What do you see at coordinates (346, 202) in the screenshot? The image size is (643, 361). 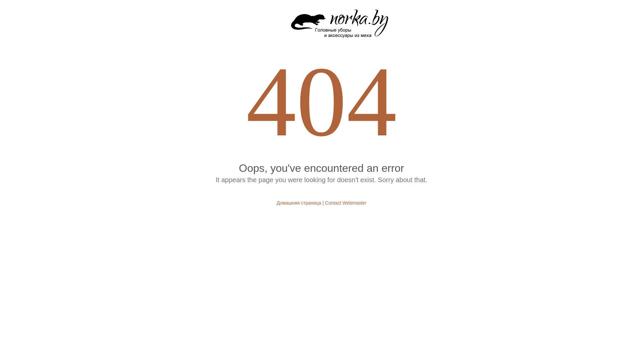 I see `'Contact Webmaster'` at bounding box center [346, 202].